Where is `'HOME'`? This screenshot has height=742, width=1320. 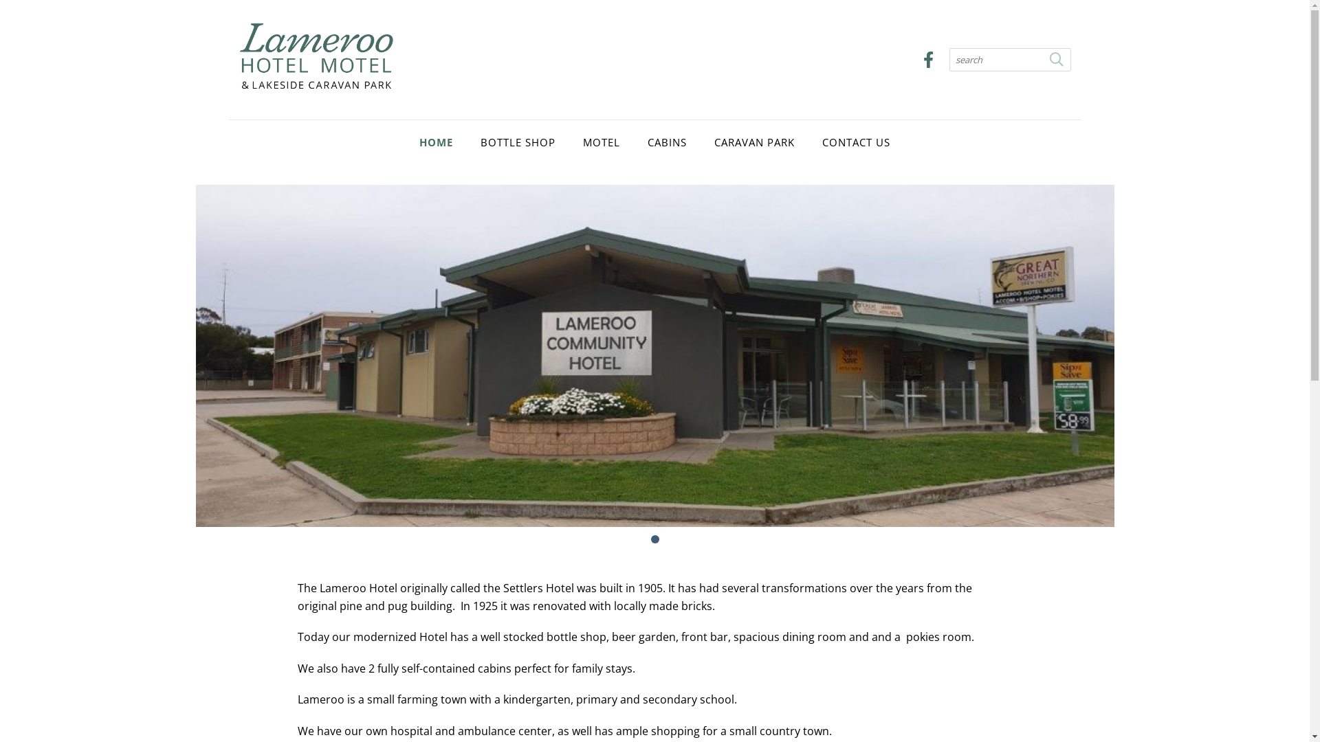
'HOME' is located at coordinates (405, 142).